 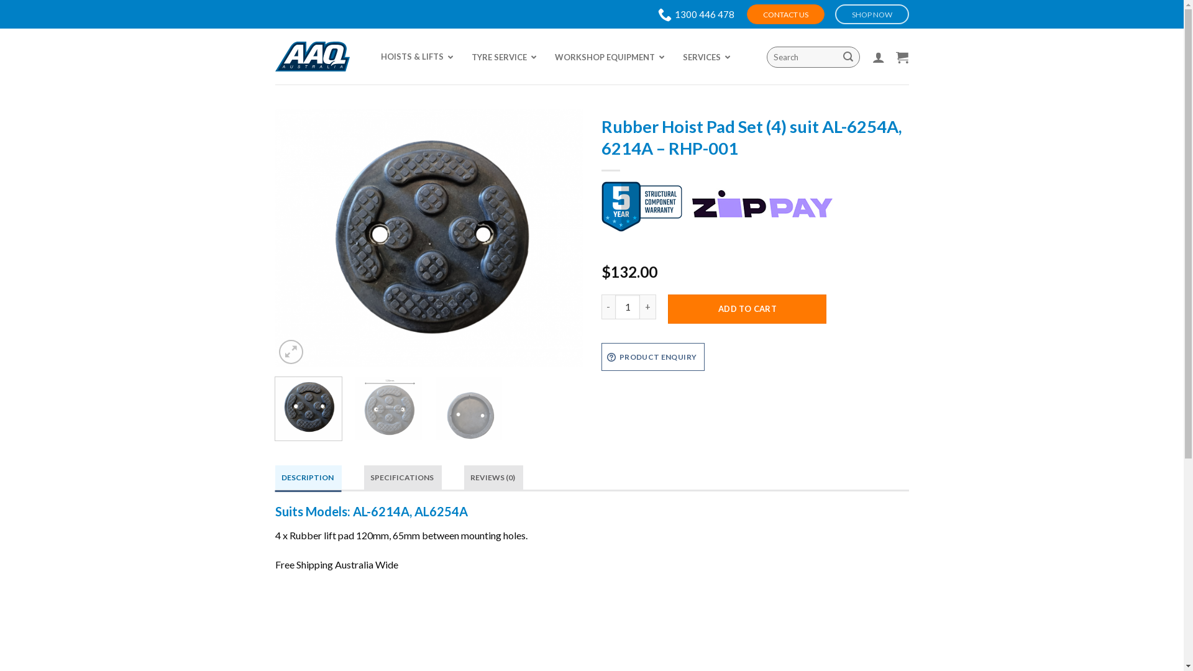 I want to click on 'TYRE SERVICE', so click(x=500, y=57).